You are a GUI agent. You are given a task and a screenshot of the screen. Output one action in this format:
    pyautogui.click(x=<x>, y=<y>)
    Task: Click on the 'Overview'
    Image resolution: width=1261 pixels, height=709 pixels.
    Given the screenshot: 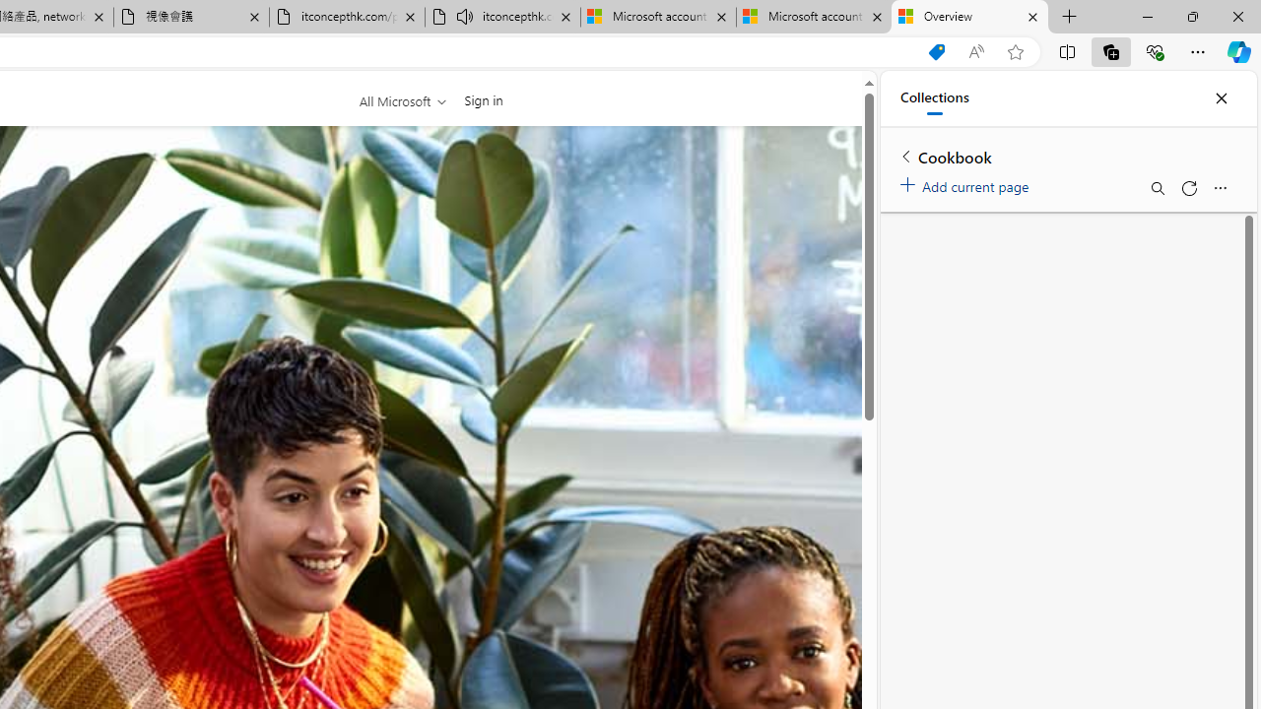 What is the action you would take?
    pyautogui.click(x=969, y=17)
    